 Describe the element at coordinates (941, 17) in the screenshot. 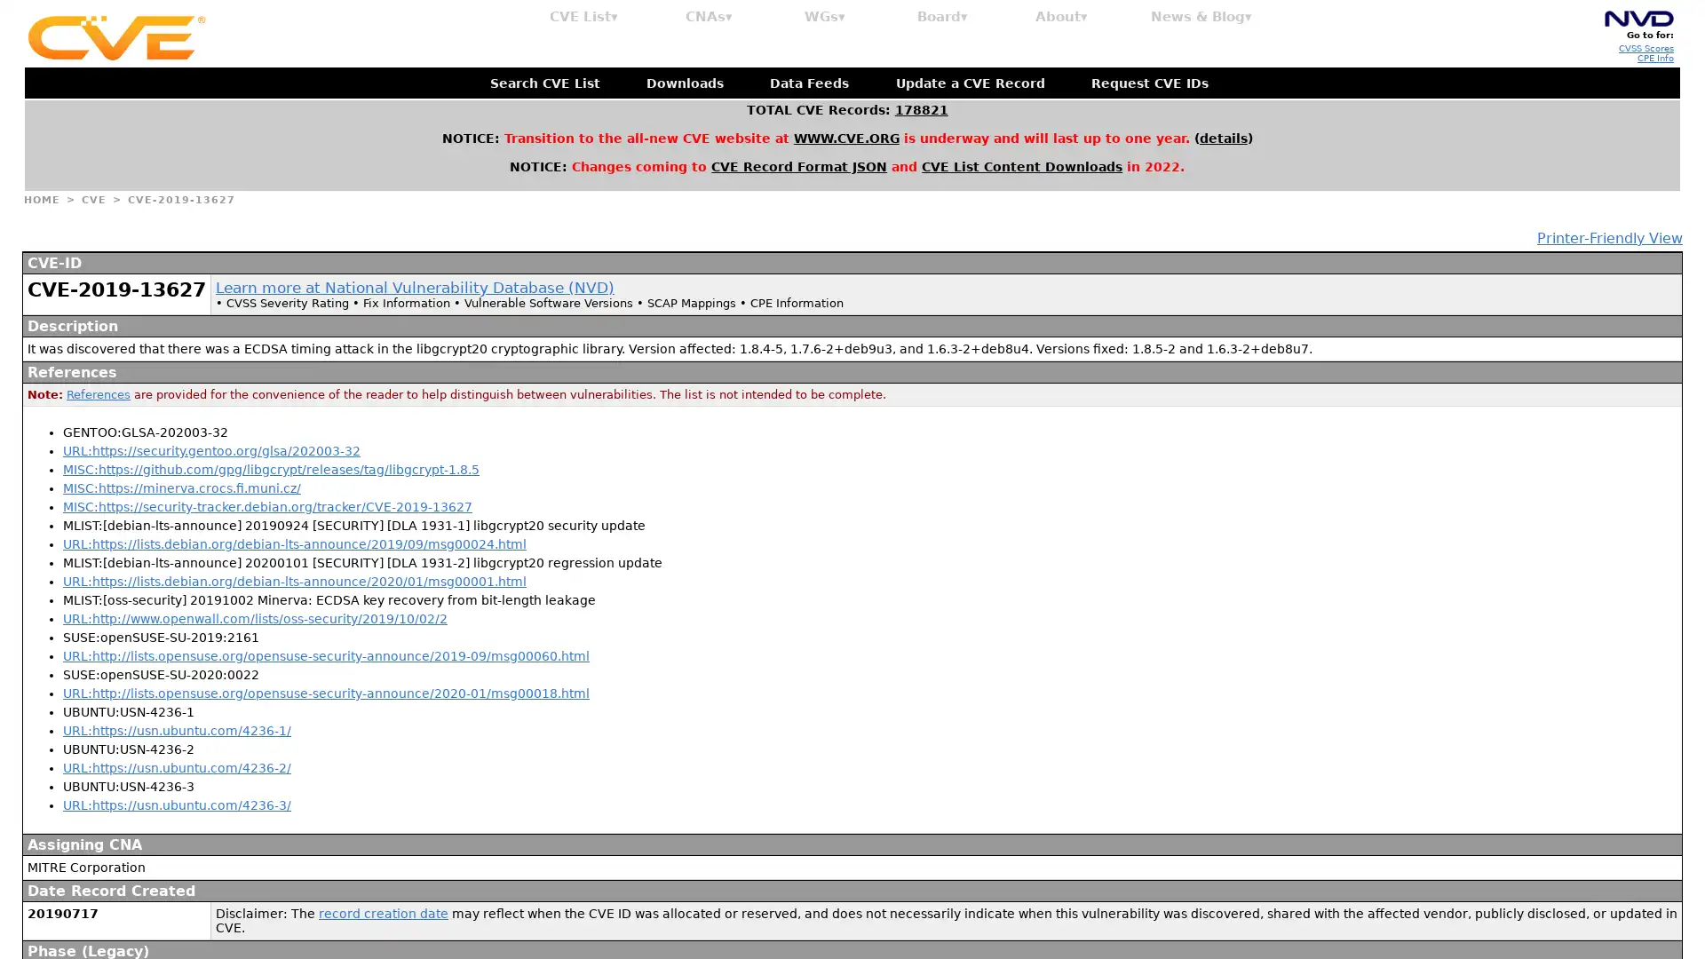

I see `Board` at that location.